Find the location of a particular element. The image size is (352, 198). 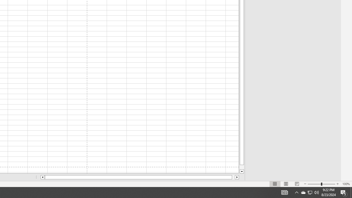

'Page down' is located at coordinates (242, 167).